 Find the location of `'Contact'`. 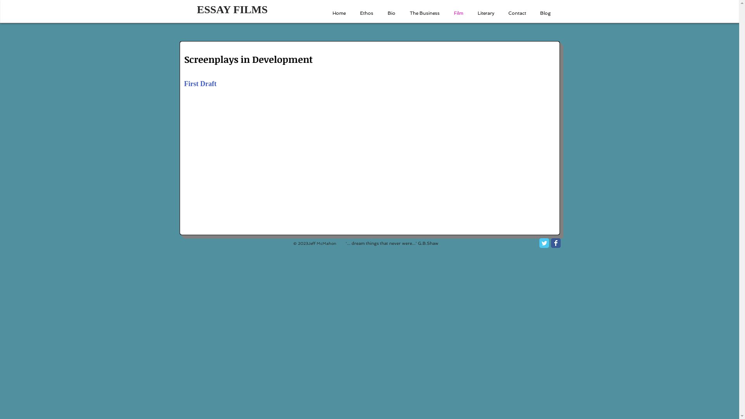

'Contact' is located at coordinates (516, 13).